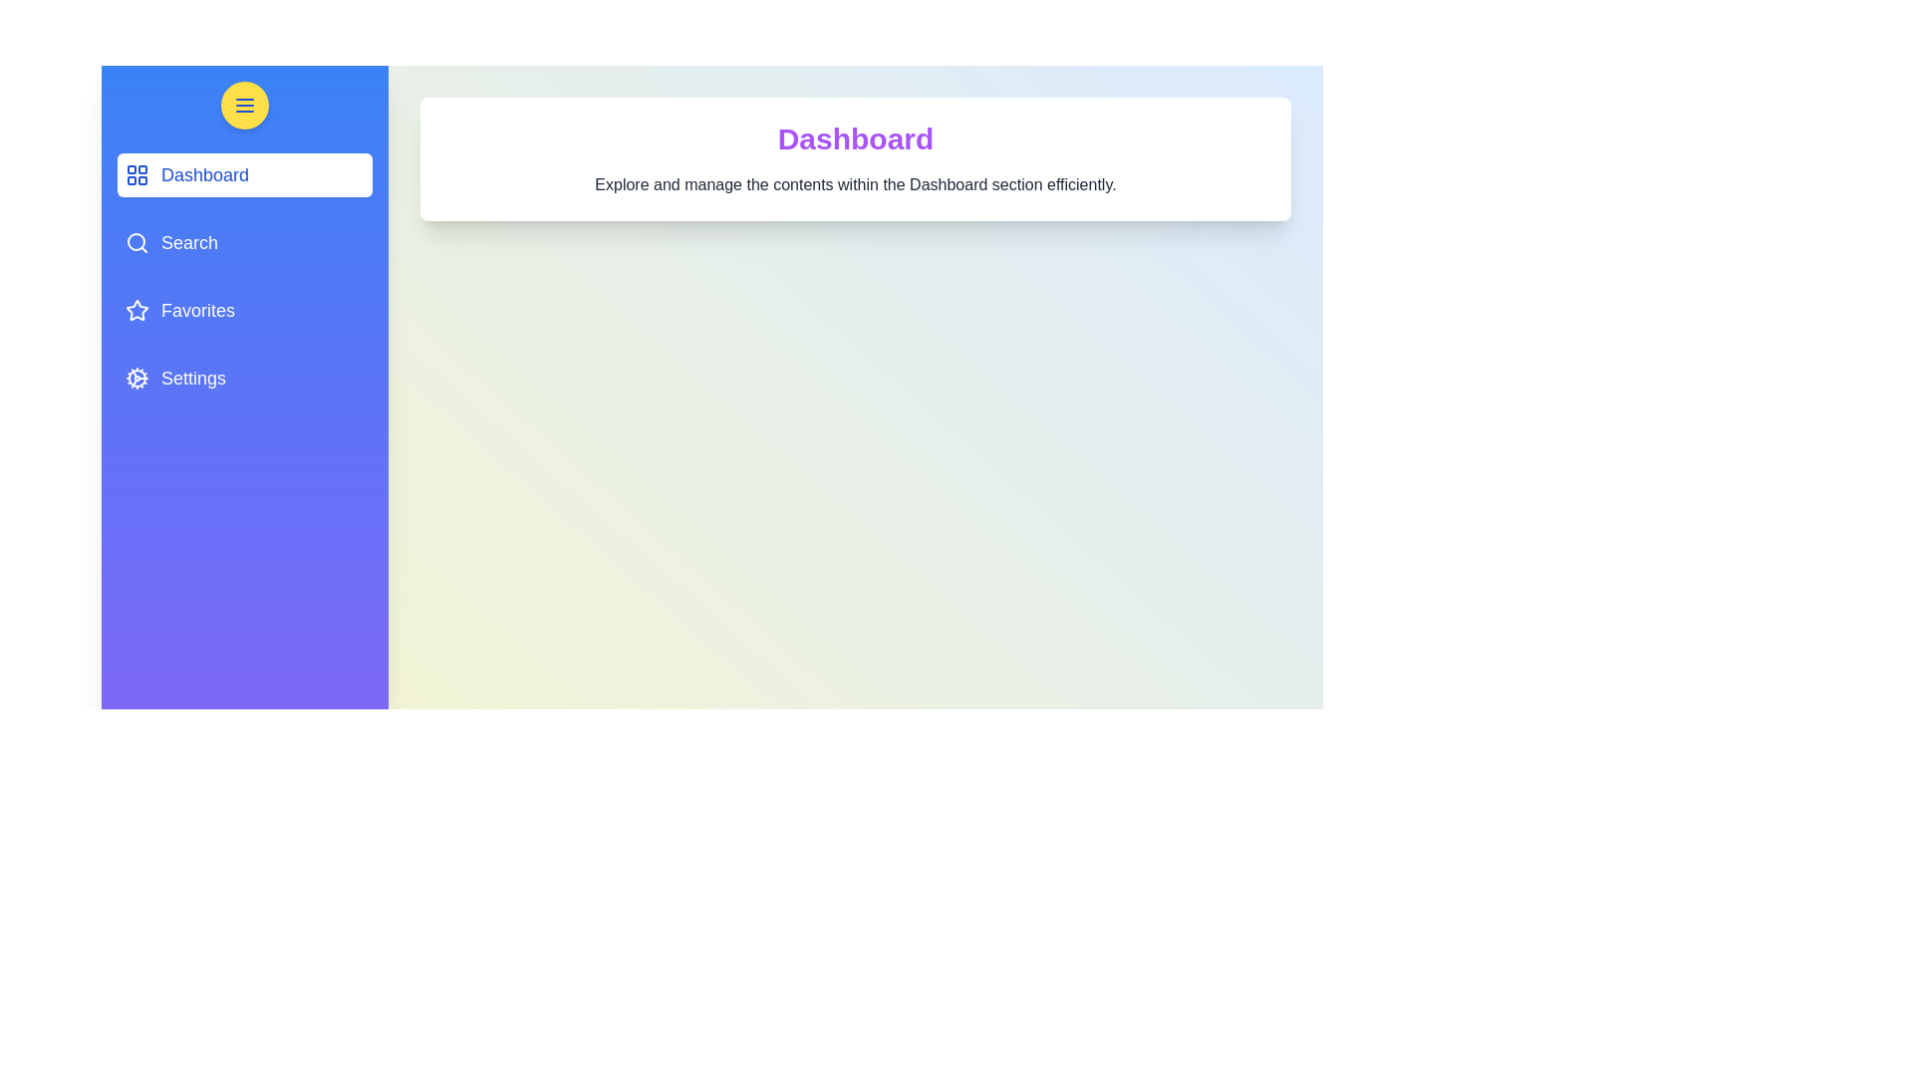  Describe the element at coordinates (243, 174) in the screenshot. I see `the navigation menu item corresponding to Dashboard` at that location.